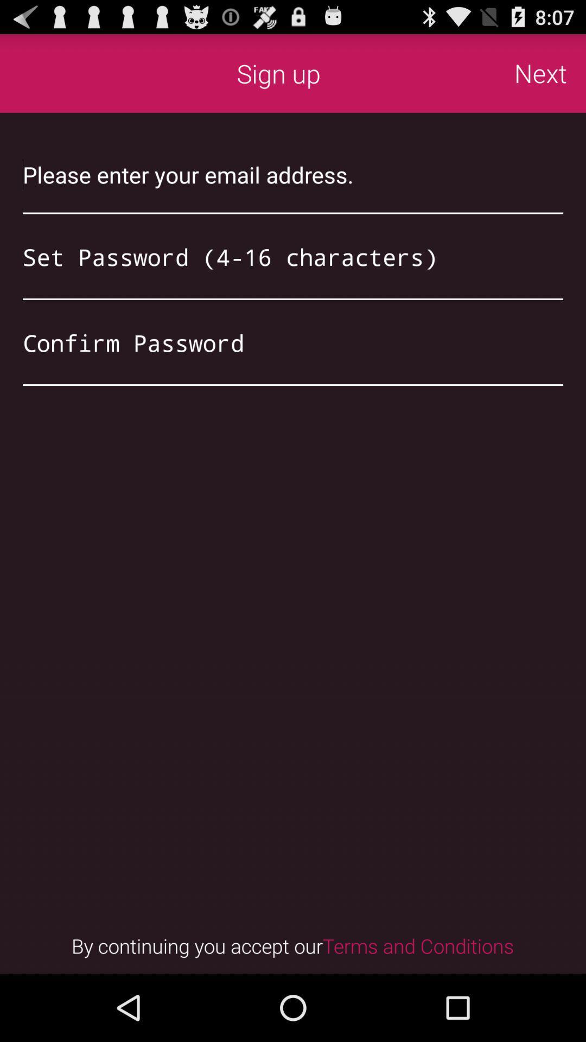  I want to click on adress, so click(293, 174).